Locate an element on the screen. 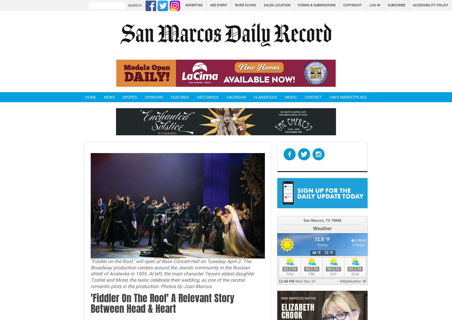  'Subscribe' is located at coordinates (396, 5).